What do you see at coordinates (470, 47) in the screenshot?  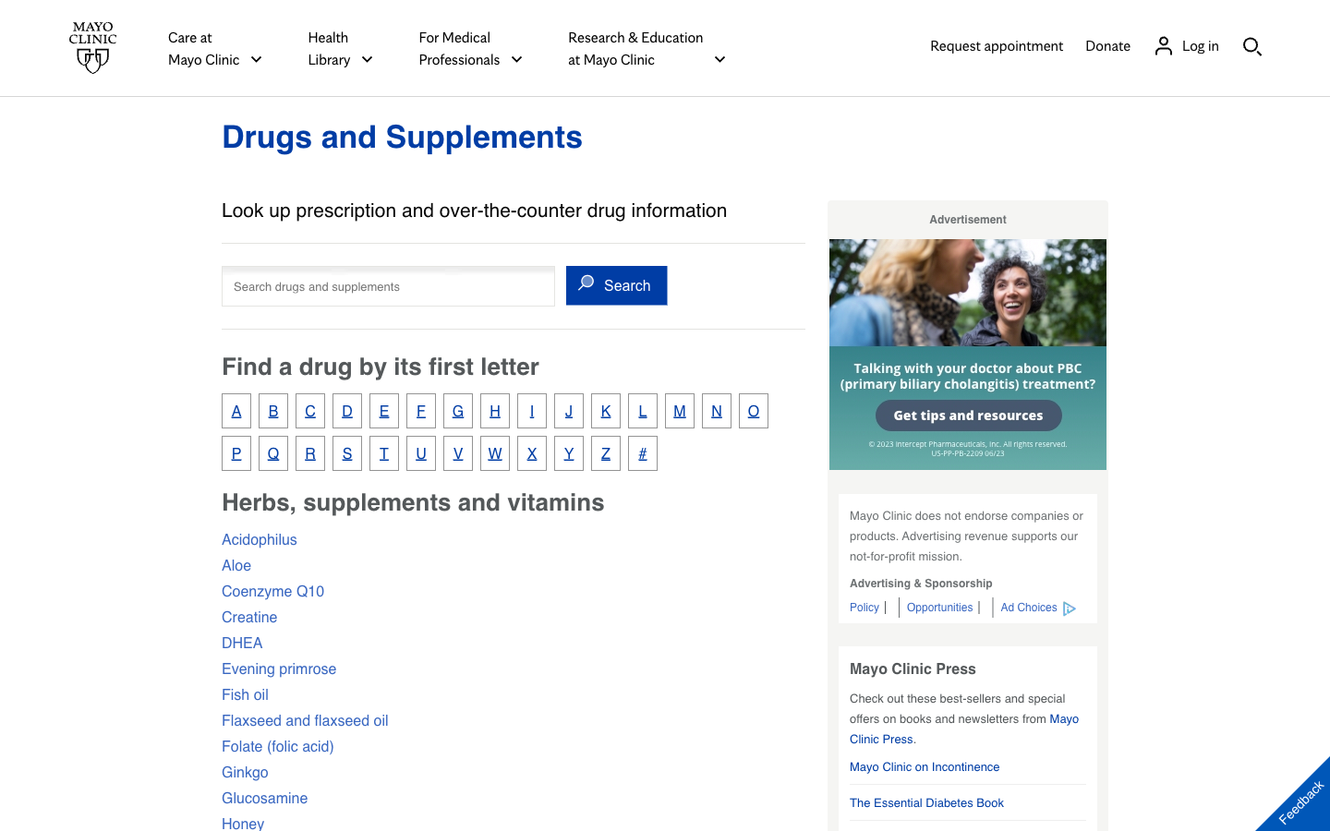 I see `Visit the mayoclinic page for medical professionals and choose the first option you see` at bounding box center [470, 47].